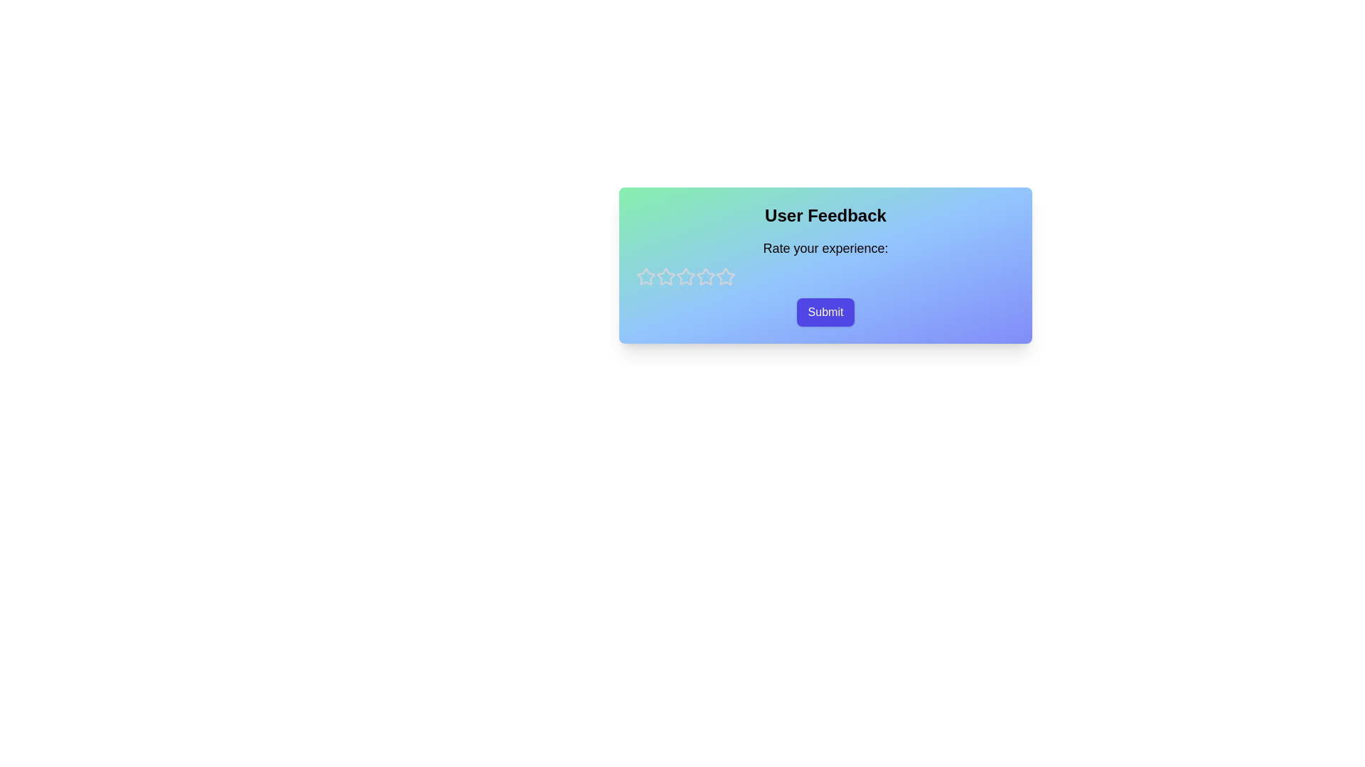 The height and width of the screenshot is (767, 1365). I want to click on the first star icon in the rating UI, so click(665, 276).